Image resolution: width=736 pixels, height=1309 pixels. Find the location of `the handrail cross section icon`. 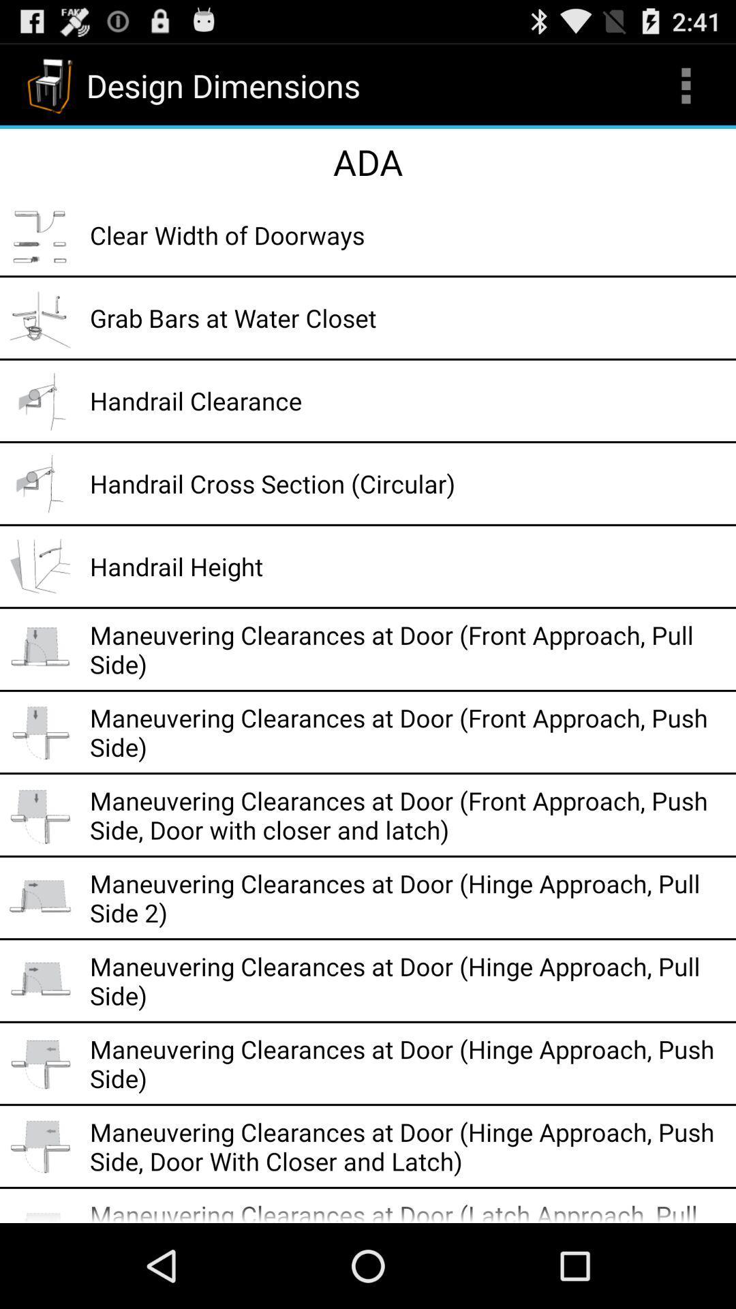

the handrail cross section icon is located at coordinates (408, 483).